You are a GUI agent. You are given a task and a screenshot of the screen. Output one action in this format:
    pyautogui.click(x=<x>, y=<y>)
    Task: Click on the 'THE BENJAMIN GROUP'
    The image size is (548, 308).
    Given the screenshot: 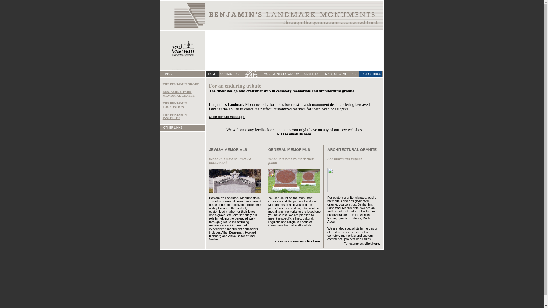 What is the action you would take?
    pyautogui.click(x=162, y=84)
    